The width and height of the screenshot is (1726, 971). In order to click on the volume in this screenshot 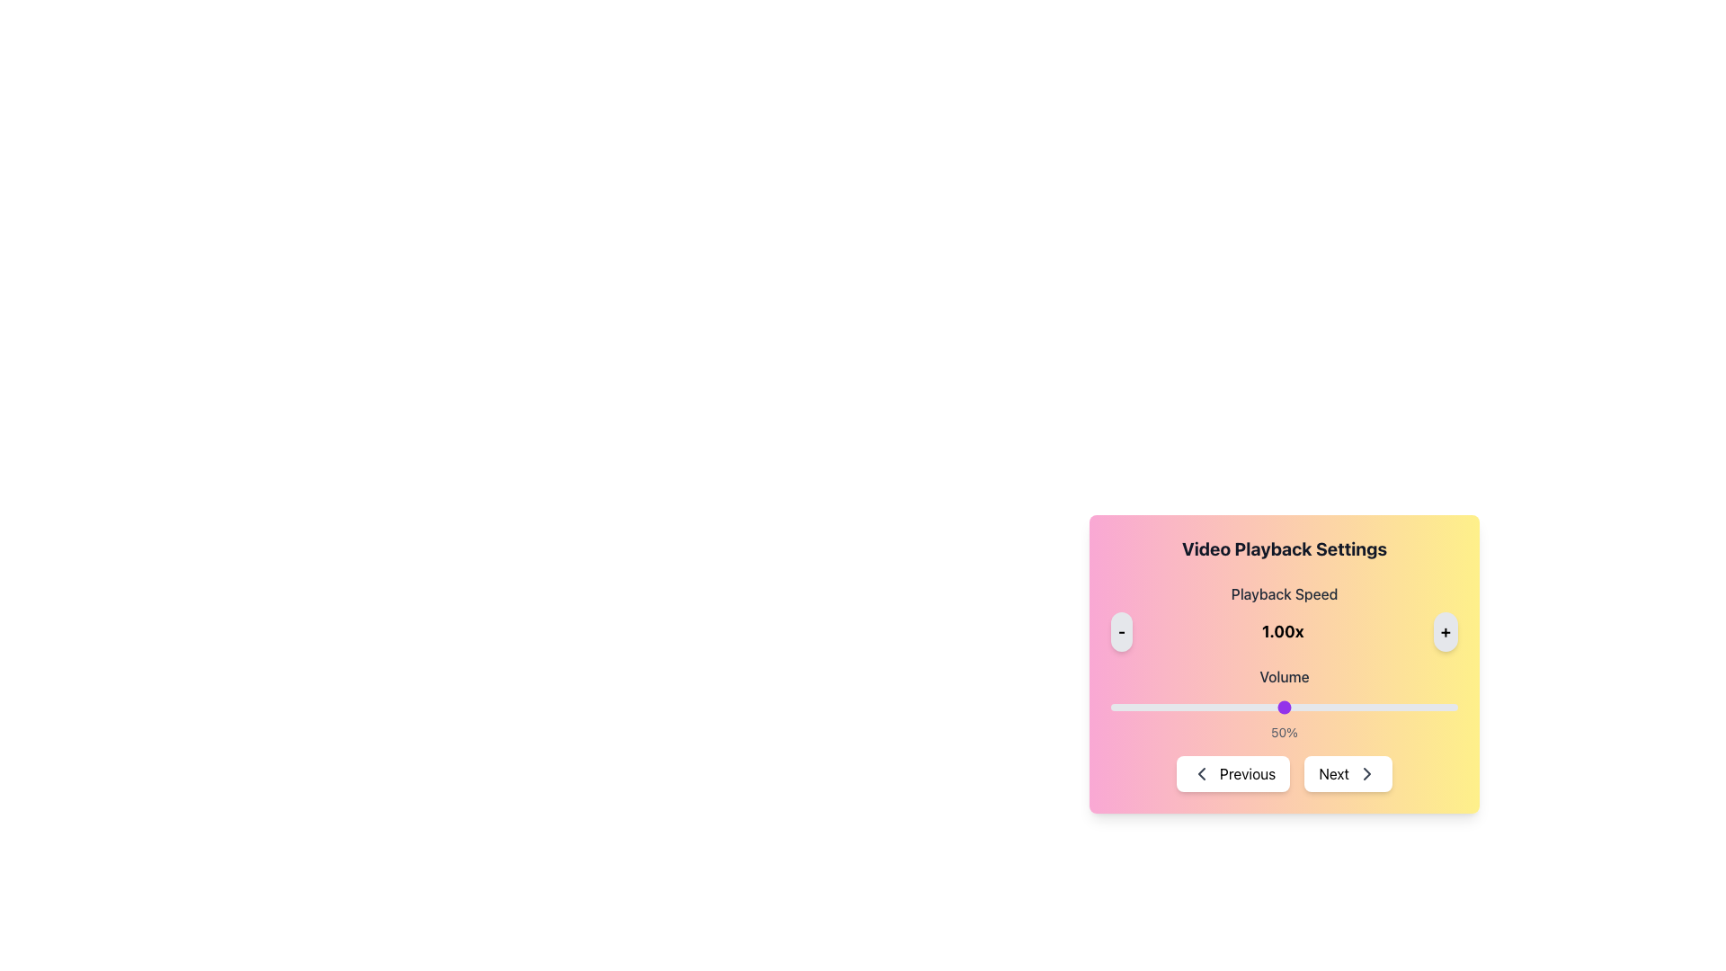, I will do `click(1180, 706)`.